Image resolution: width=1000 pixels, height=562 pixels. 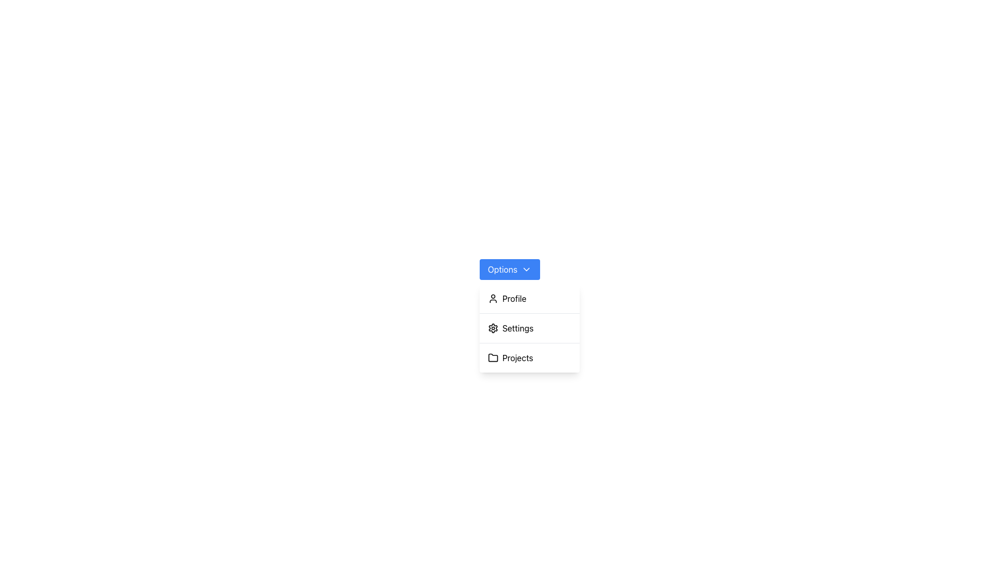 I want to click on the 'Projects' icon in the dropdown menu, which serves as a visual identifier for the 'Projects' option, so click(x=492, y=357).